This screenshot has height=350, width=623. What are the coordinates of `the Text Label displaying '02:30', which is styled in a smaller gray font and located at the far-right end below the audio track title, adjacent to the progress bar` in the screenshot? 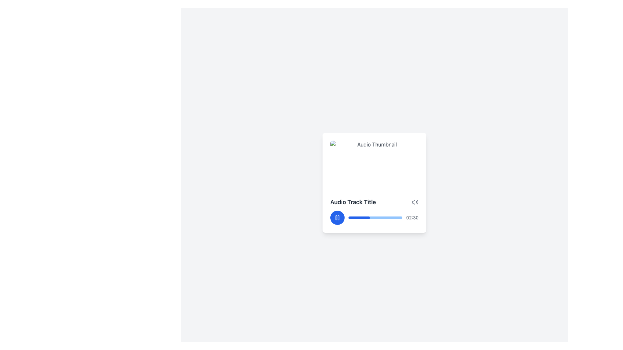 It's located at (412, 217).